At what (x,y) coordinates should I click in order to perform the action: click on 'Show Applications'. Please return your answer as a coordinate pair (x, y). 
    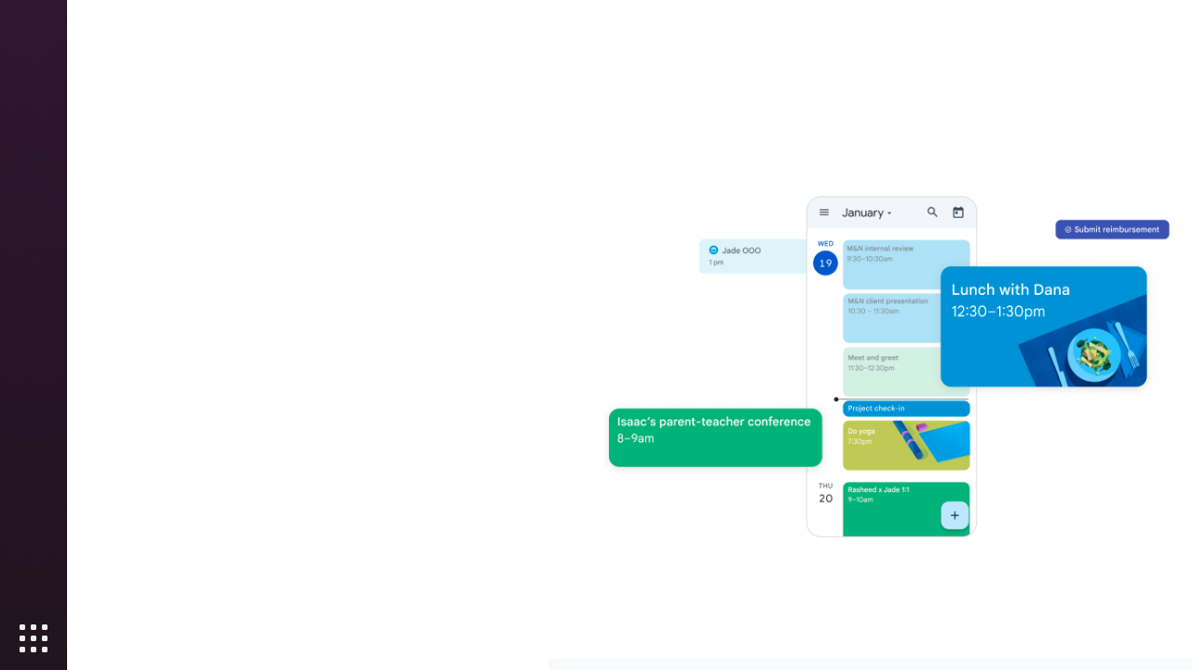
    Looking at the image, I should click on (33, 637).